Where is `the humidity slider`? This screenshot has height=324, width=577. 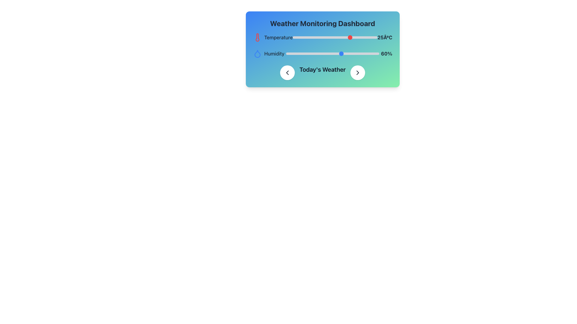 the humidity slider is located at coordinates (344, 53).